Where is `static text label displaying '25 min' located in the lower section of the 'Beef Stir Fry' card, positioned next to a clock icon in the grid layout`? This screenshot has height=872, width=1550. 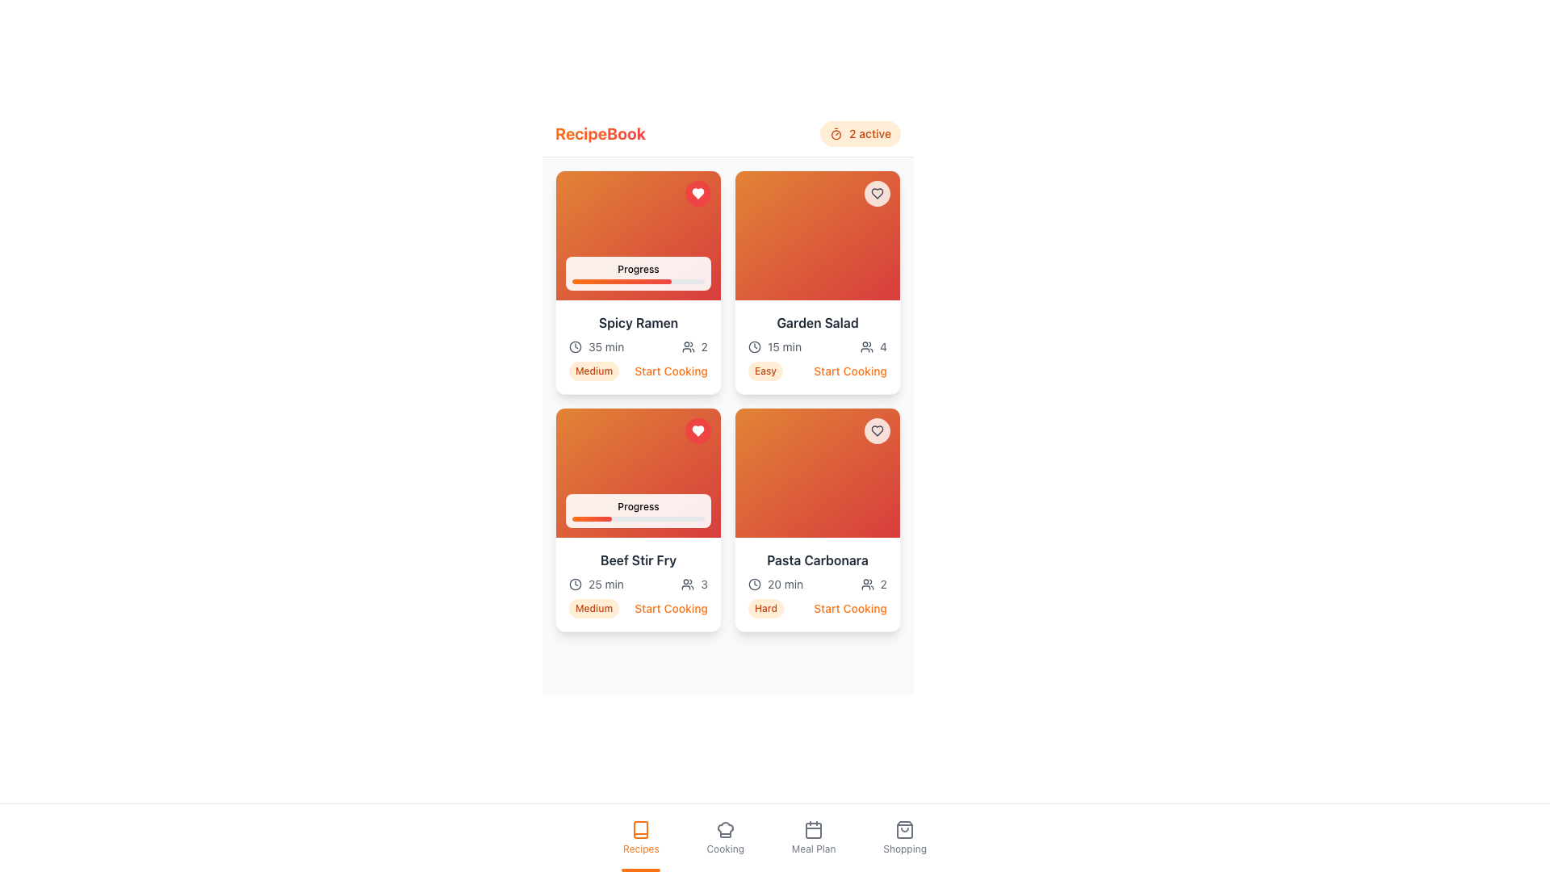
static text label displaying '25 min' located in the lower section of the 'Beef Stir Fry' card, positioned next to a clock icon in the grid layout is located at coordinates (605, 585).